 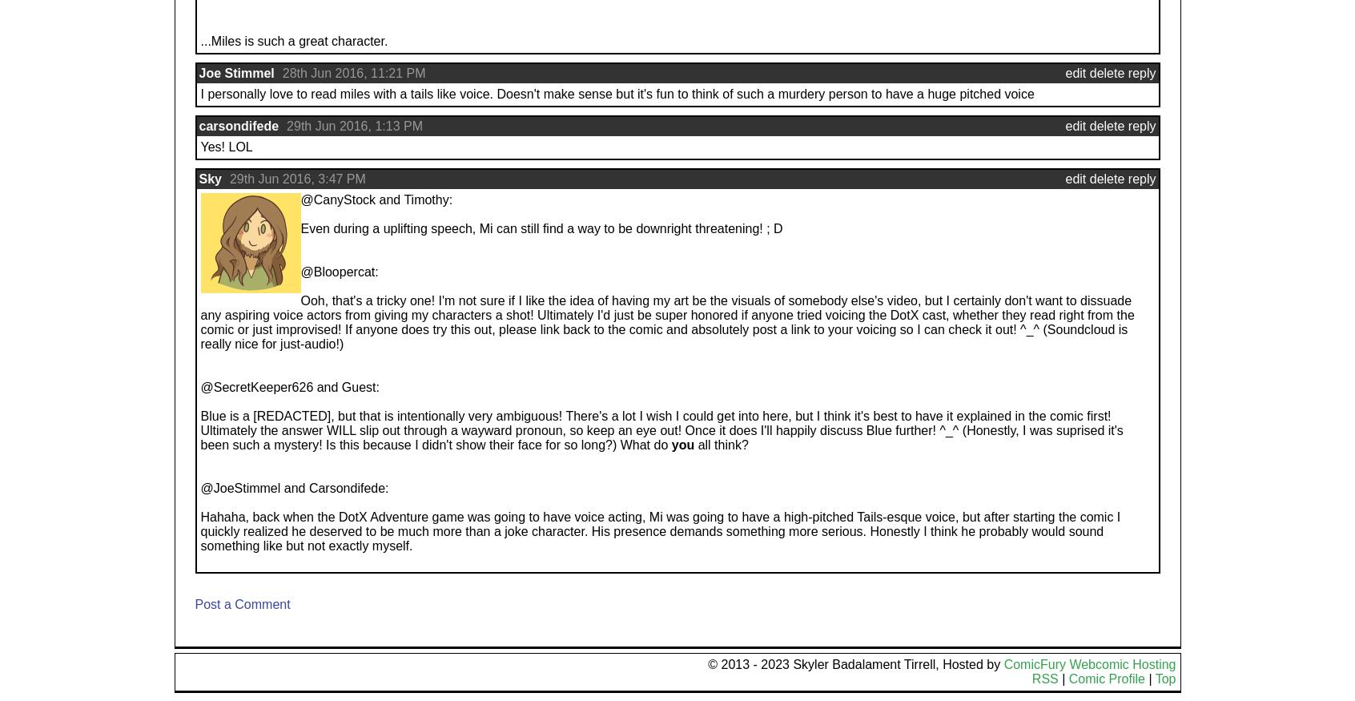 What do you see at coordinates (720, 444) in the screenshot?
I see `'all think?'` at bounding box center [720, 444].